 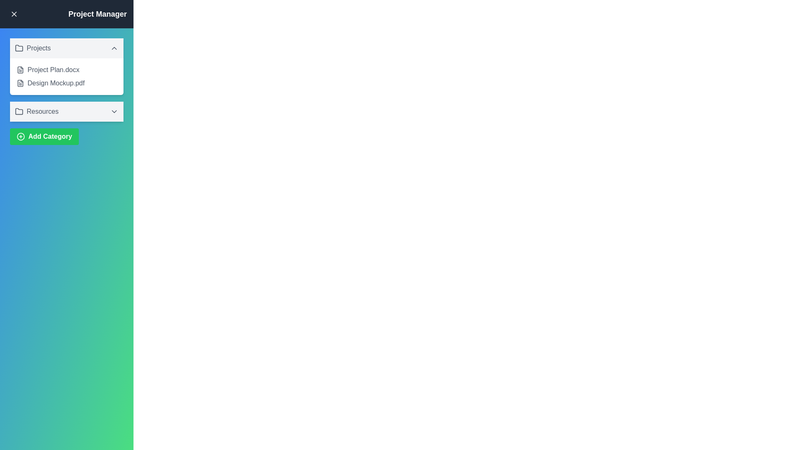 What do you see at coordinates (20, 70) in the screenshot?
I see `the document icon representing 'Project Plan.docx' in the project management panel, which features a minimalist line-art style and a folded upper-right corner` at bounding box center [20, 70].